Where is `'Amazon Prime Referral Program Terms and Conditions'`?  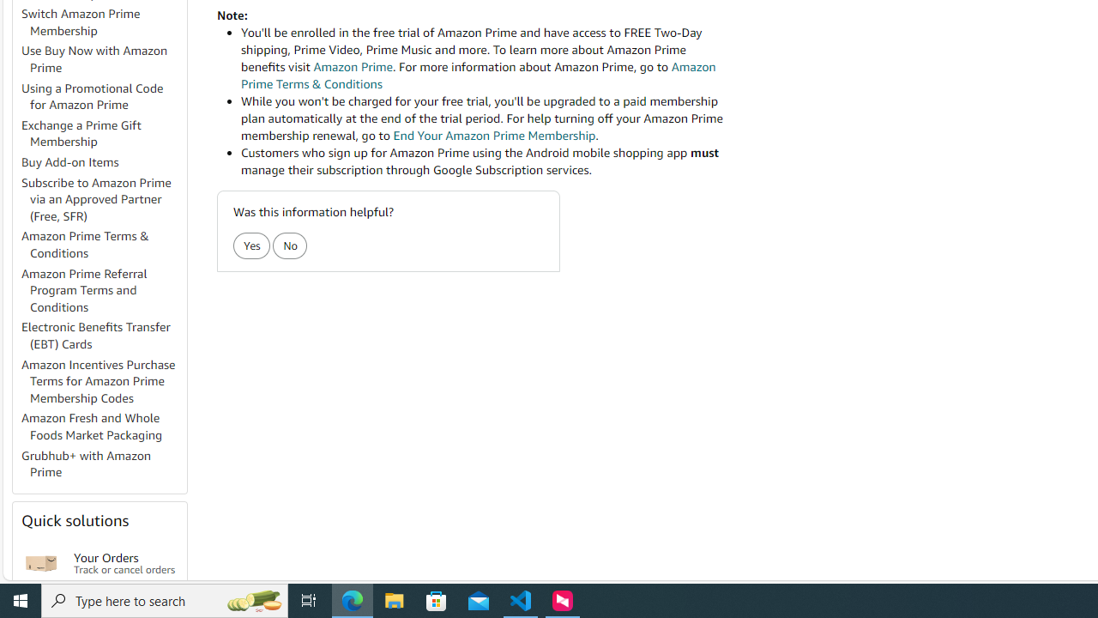
'Amazon Prime Referral Program Terms and Conditions' is located at coordinates (83, 289).